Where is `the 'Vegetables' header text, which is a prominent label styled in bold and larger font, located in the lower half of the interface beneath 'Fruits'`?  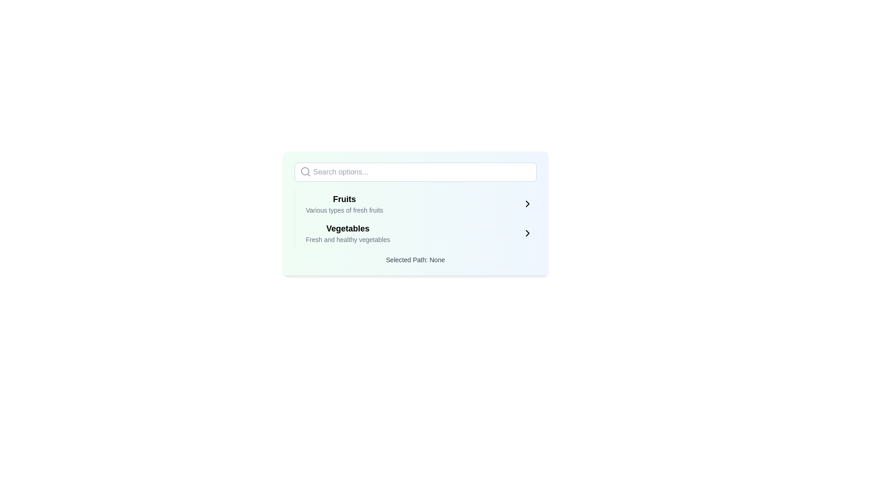 the 'Vegetables' header text, which is a prominent label styled in bold and larger font, located in the lower half of the interface beneath 'Fruits' is located at coordinates (347, 228).